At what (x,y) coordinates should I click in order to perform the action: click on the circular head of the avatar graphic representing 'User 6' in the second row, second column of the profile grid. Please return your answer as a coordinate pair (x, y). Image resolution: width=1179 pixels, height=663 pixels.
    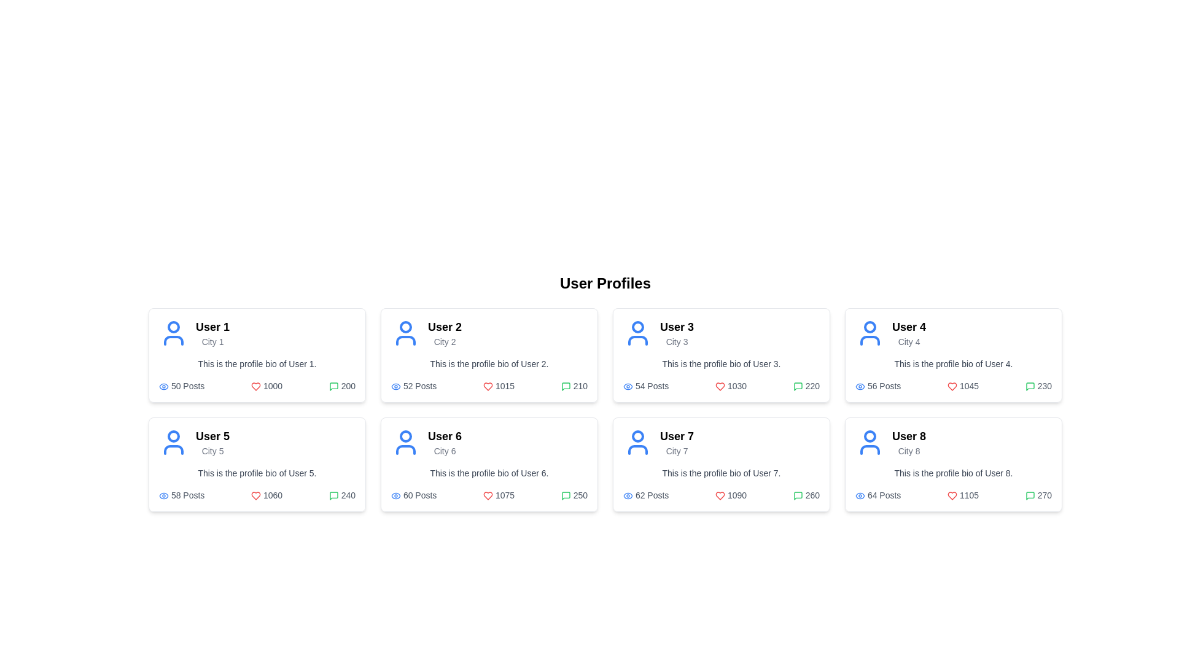
    Looking at the image, I should click on (406, 435).